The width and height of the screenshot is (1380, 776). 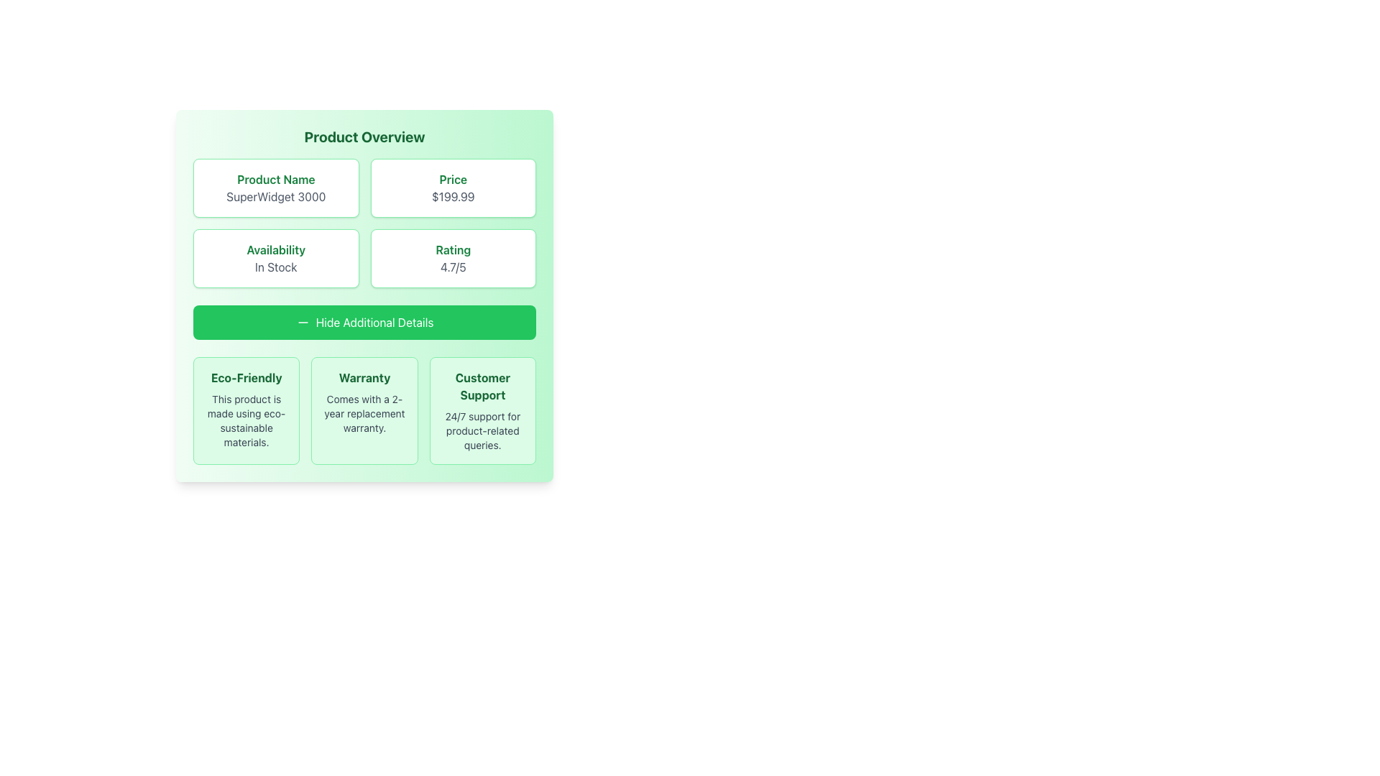 What do you see at coordinates (482, 430) in the screenshot?
I see `the text element reading '24/7 support for product-related queries.' located below the 'Customer Support' header in the green box` at bounding box center [482, 430].